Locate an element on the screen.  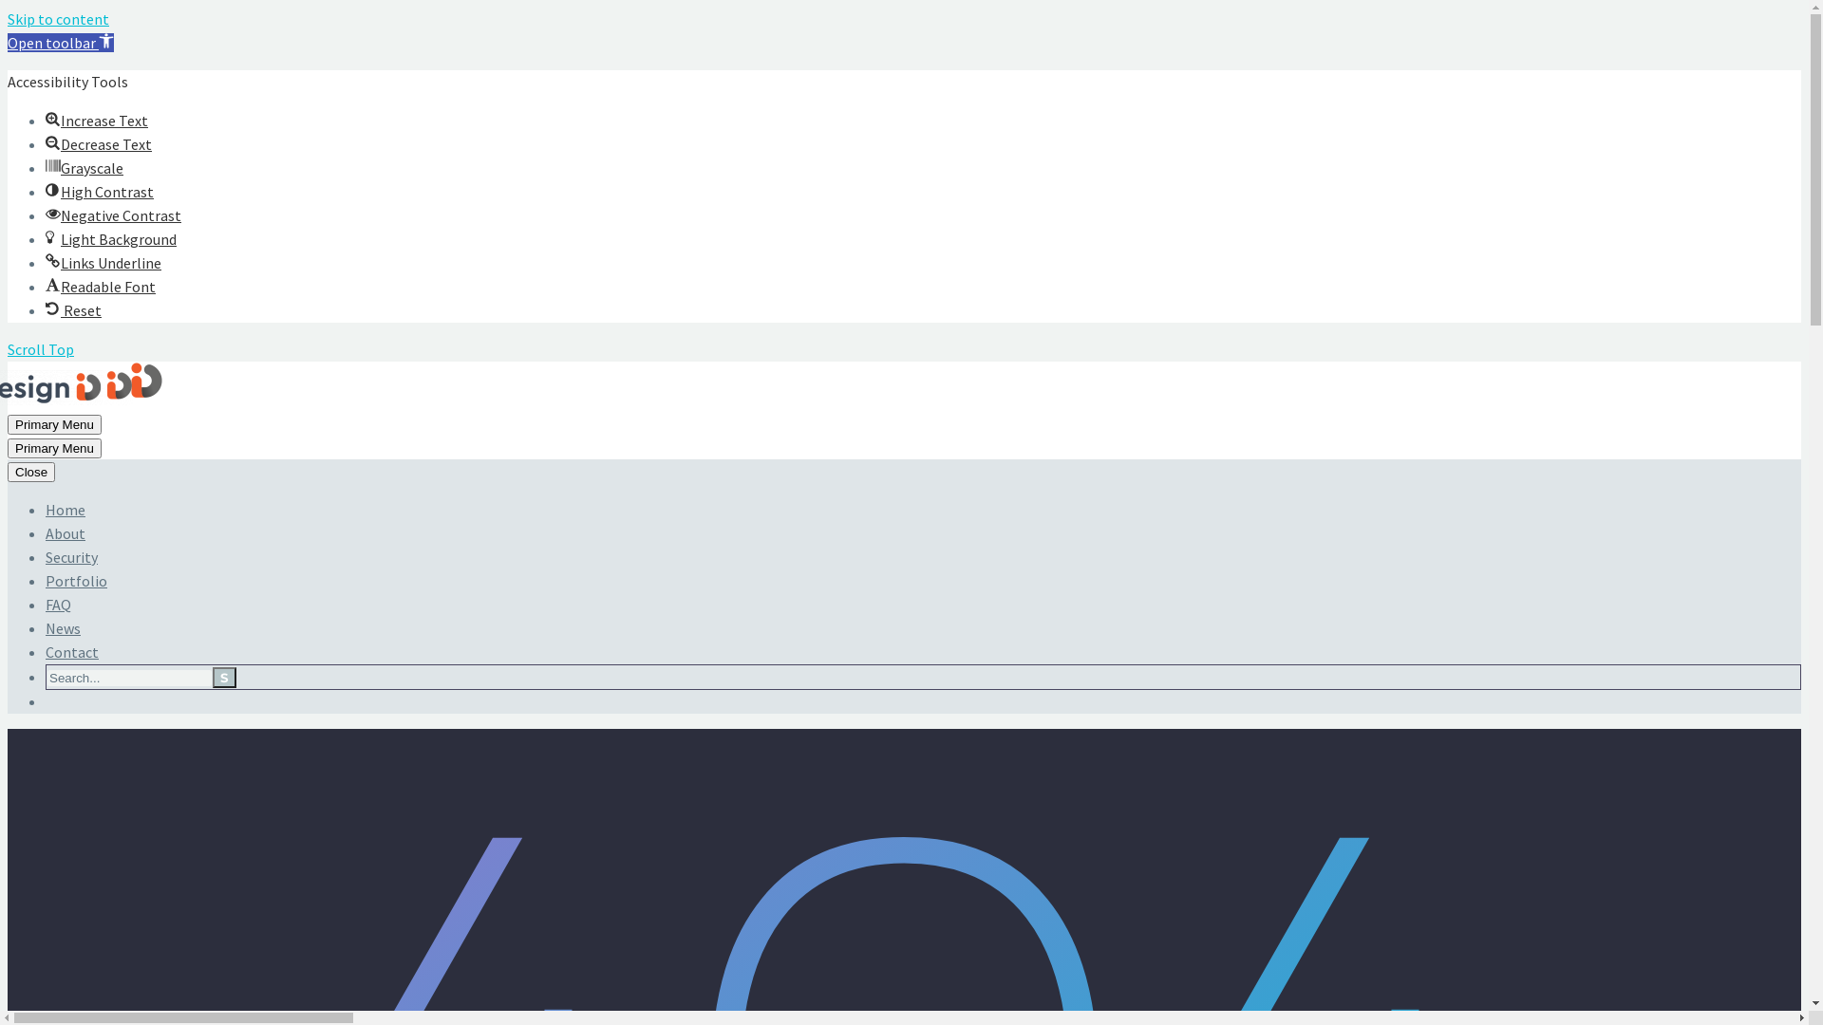
'Reset Reset' is located at coordinates (73, 309).